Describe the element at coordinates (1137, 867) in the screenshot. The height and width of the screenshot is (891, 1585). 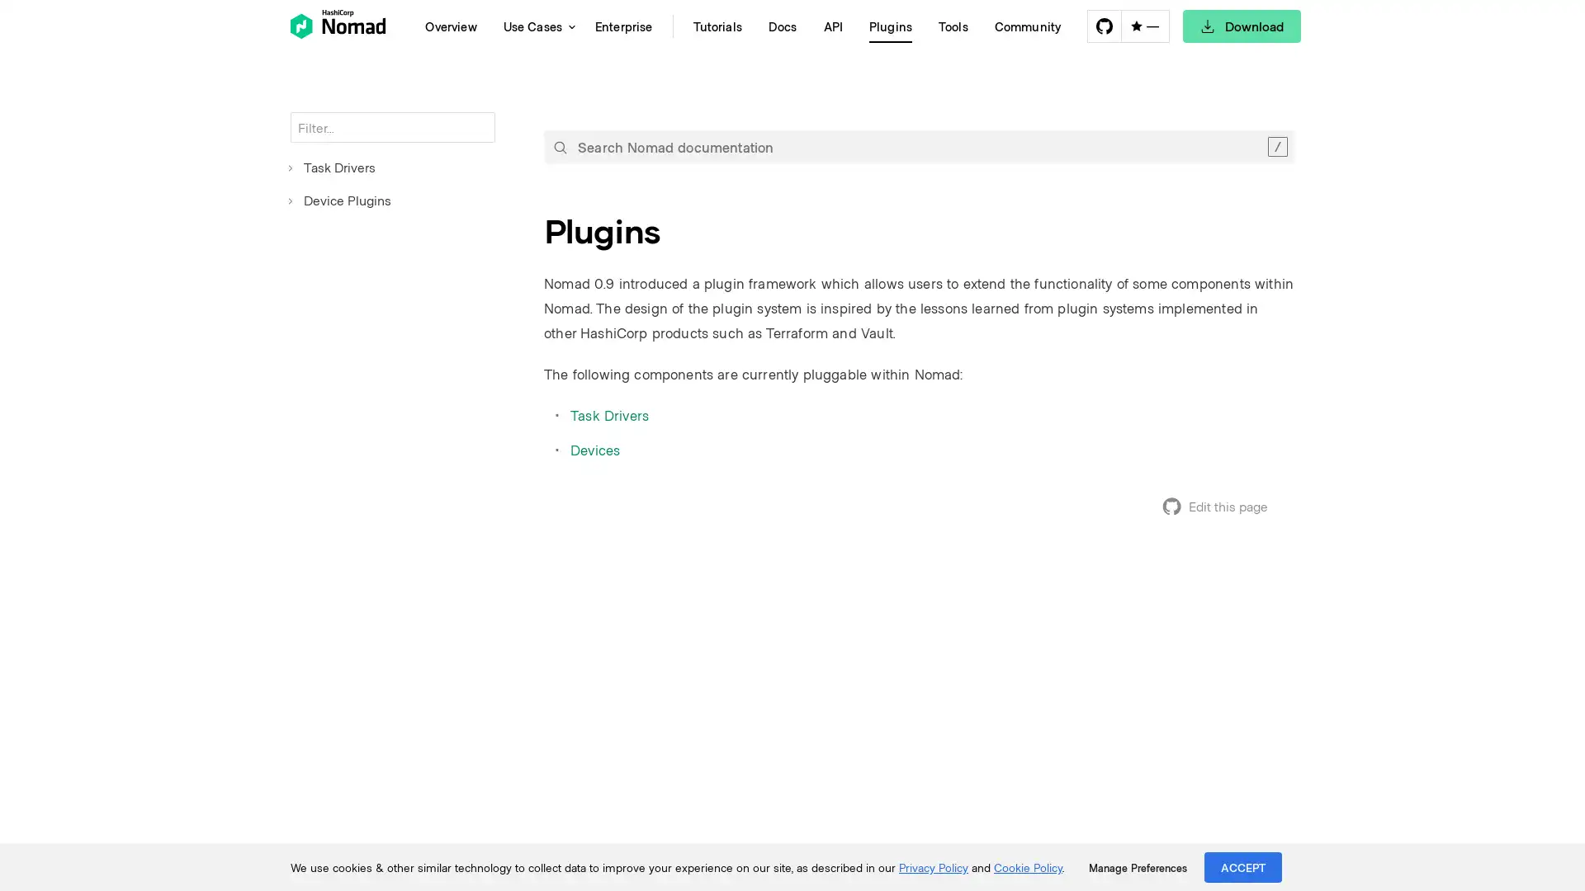
I see `Manage Preferences` at that location.